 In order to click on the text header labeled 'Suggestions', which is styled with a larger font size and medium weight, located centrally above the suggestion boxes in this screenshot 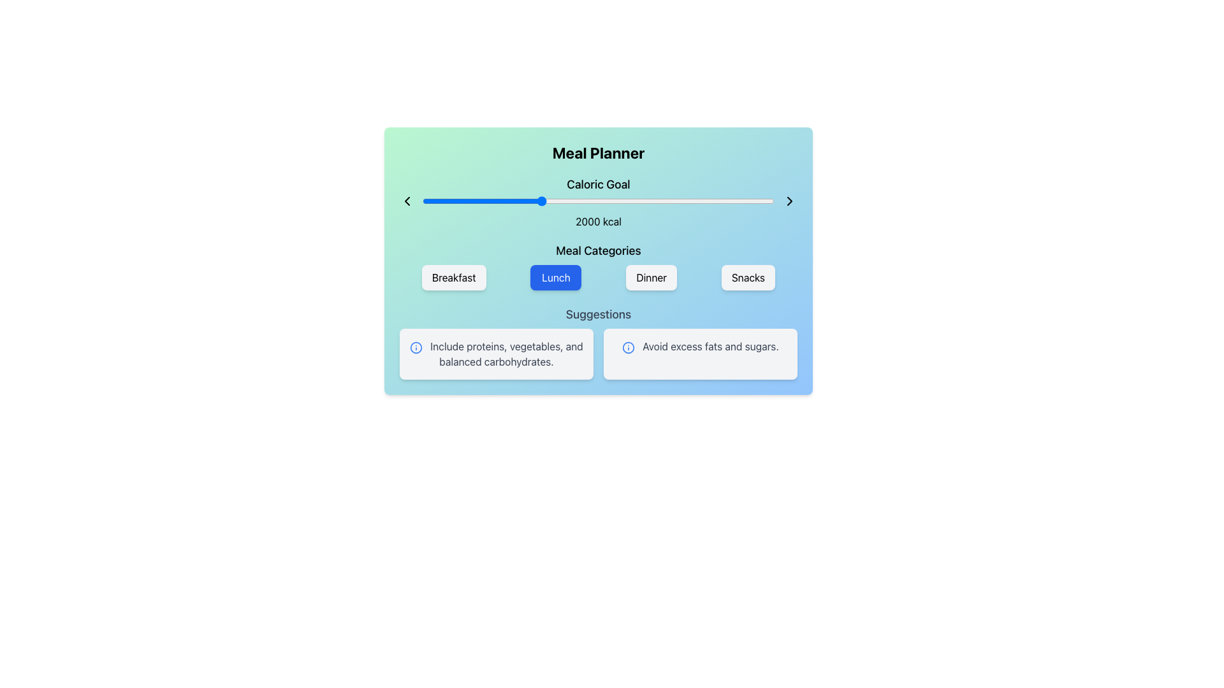, I will do `click(598, 314)`.